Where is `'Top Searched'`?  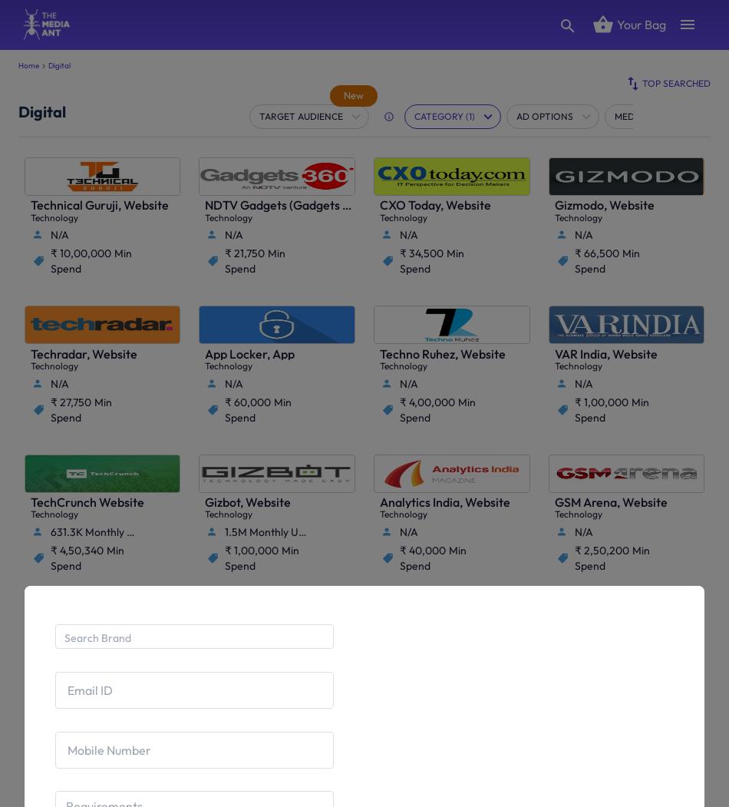
'Top Searched' is located at coordinates (675, 82).